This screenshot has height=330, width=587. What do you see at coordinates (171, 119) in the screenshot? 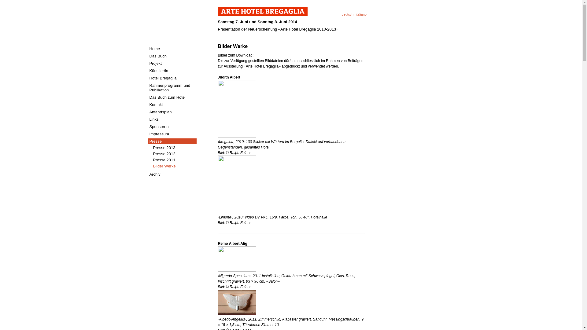
I see `'Links'` at bounding box center [171, 119].